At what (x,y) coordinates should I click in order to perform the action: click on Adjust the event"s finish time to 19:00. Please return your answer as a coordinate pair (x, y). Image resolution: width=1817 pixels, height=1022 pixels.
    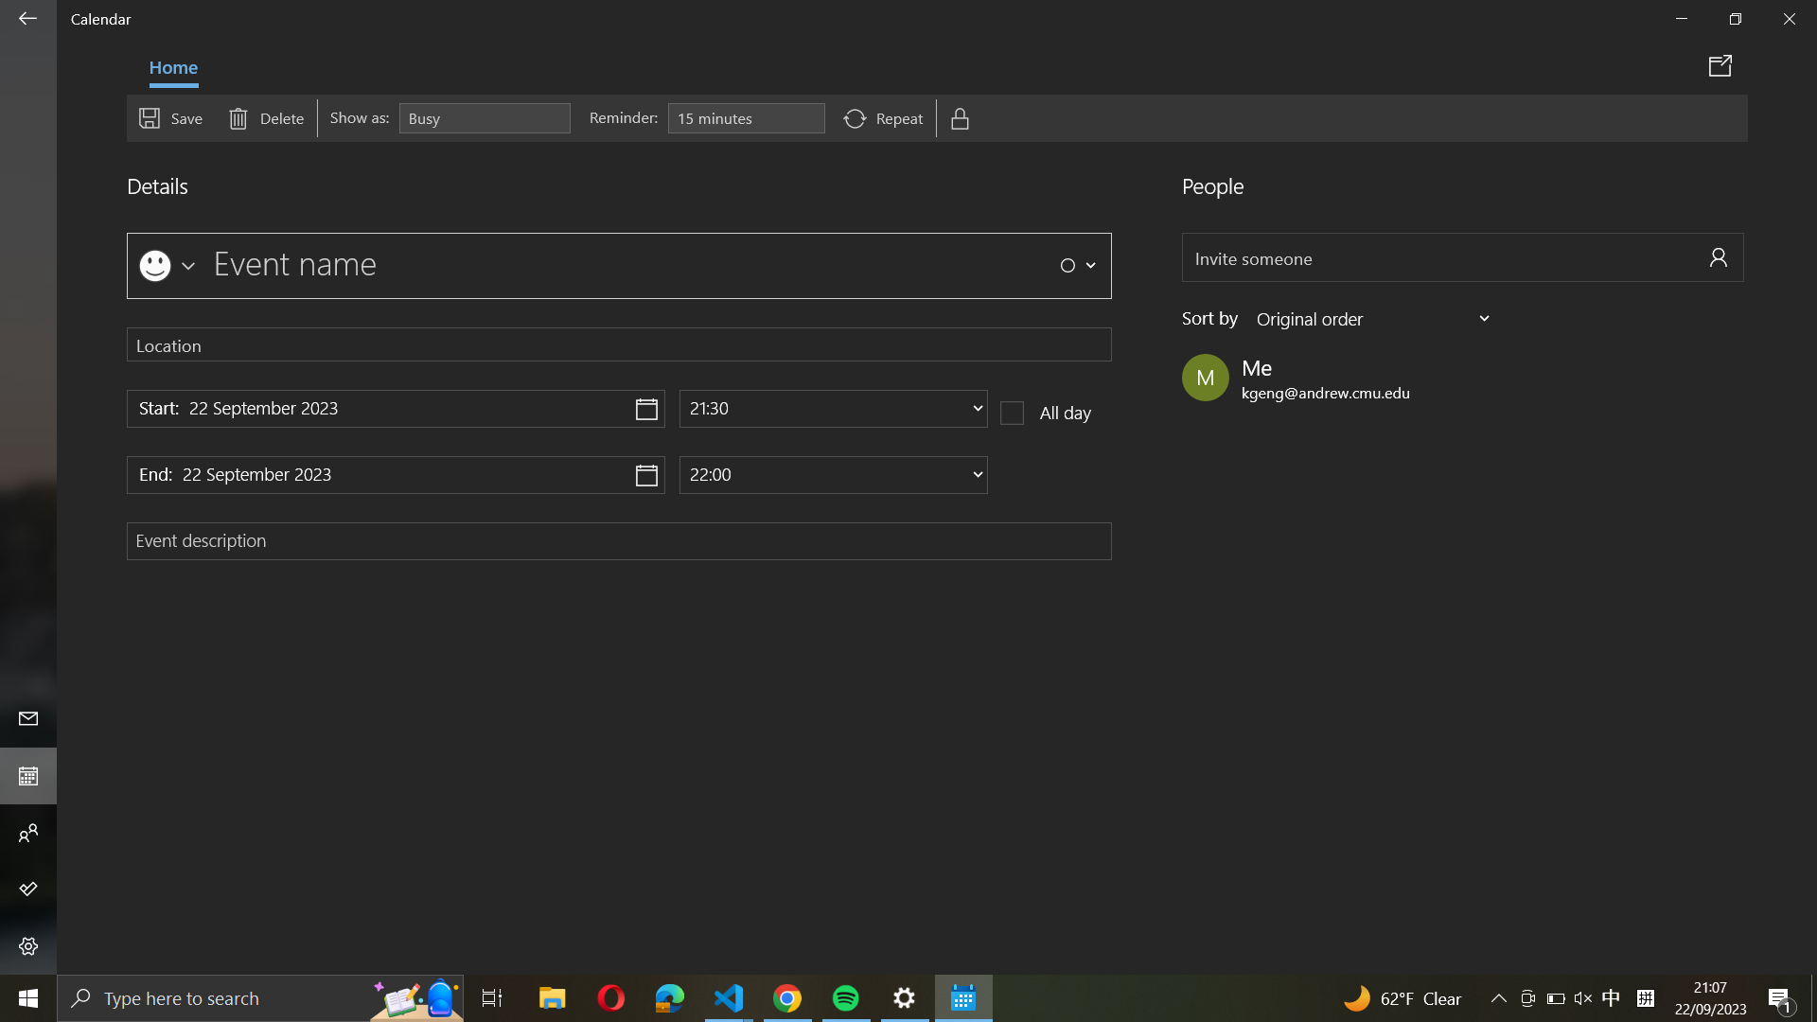
    Looking at the image, I should click on (833, 473).